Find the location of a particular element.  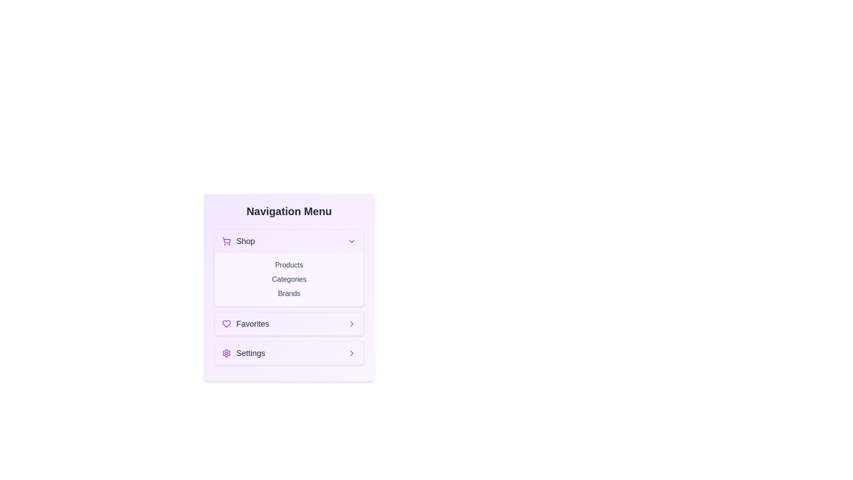

the 'Favorites' icon located to the left of the 'Favorites' label in the navigation menu is located at coordinates (226, 324).